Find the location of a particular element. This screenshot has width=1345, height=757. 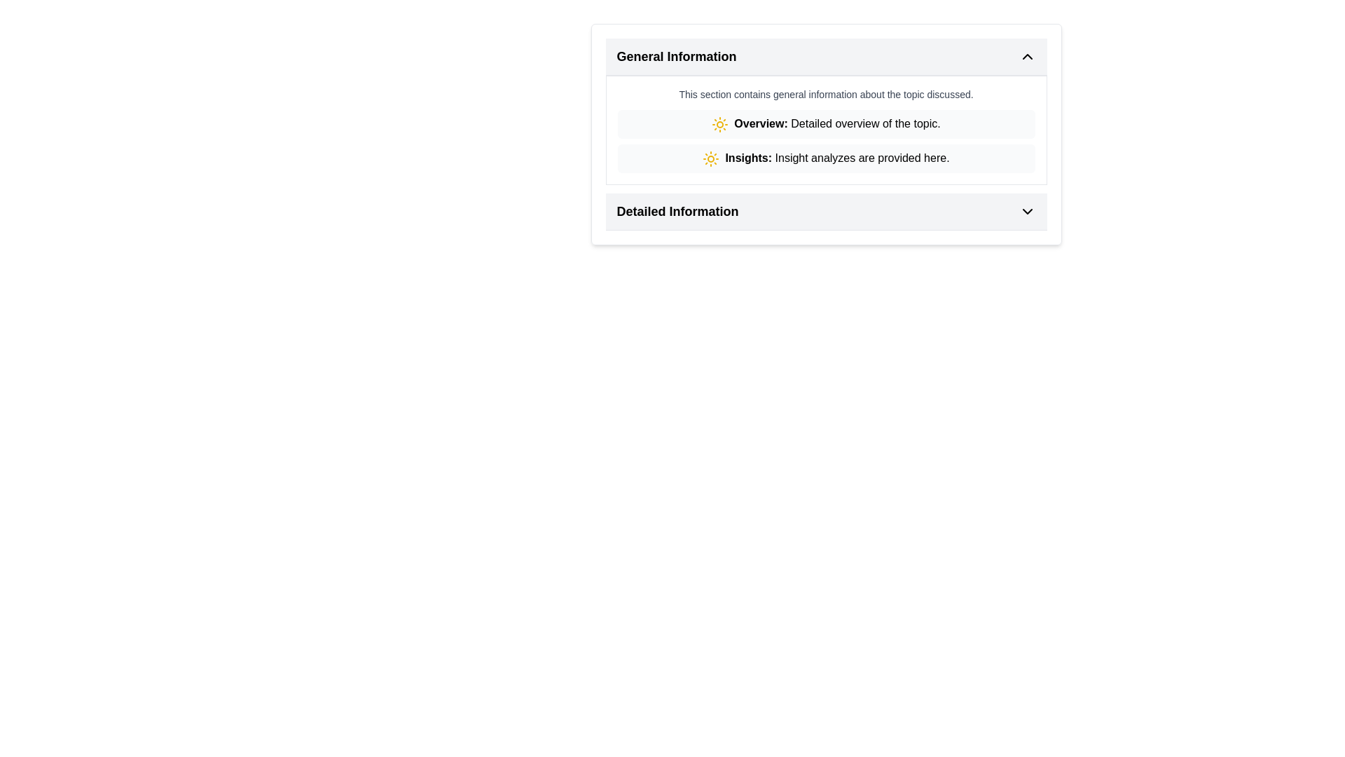

the 'General Information' section is located at coordinates (826, 134).